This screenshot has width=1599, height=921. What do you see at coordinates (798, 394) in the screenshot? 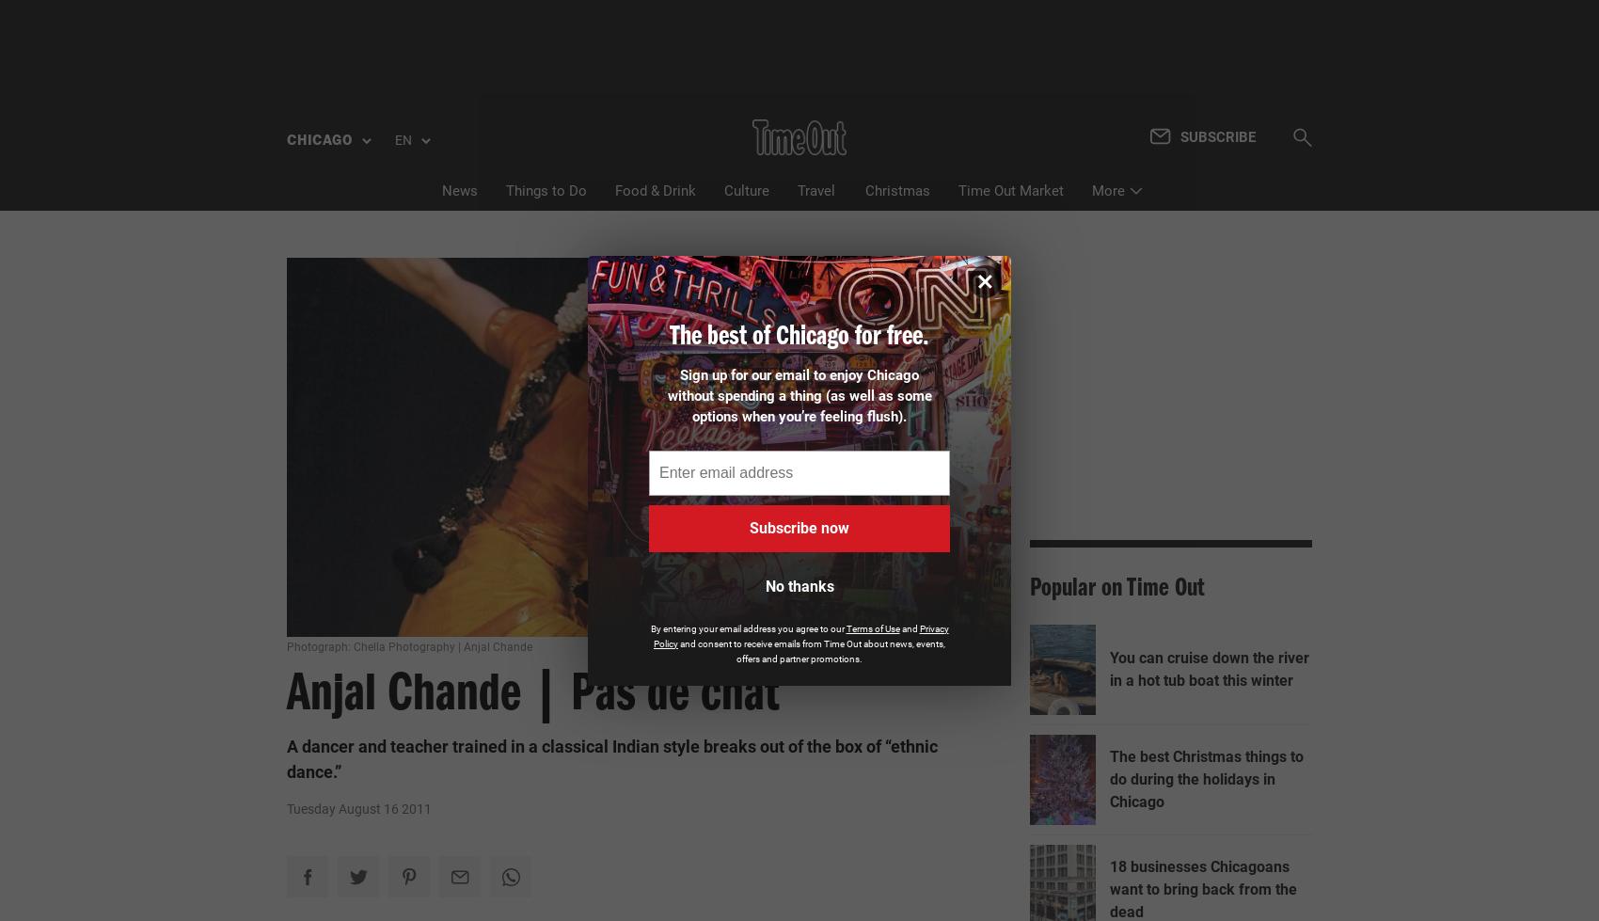
I see `'Sign up for our email to enjoy Chicago without spending a thing (as well as some options when you’re feeling flush).'` at bounding box center [798, 394].